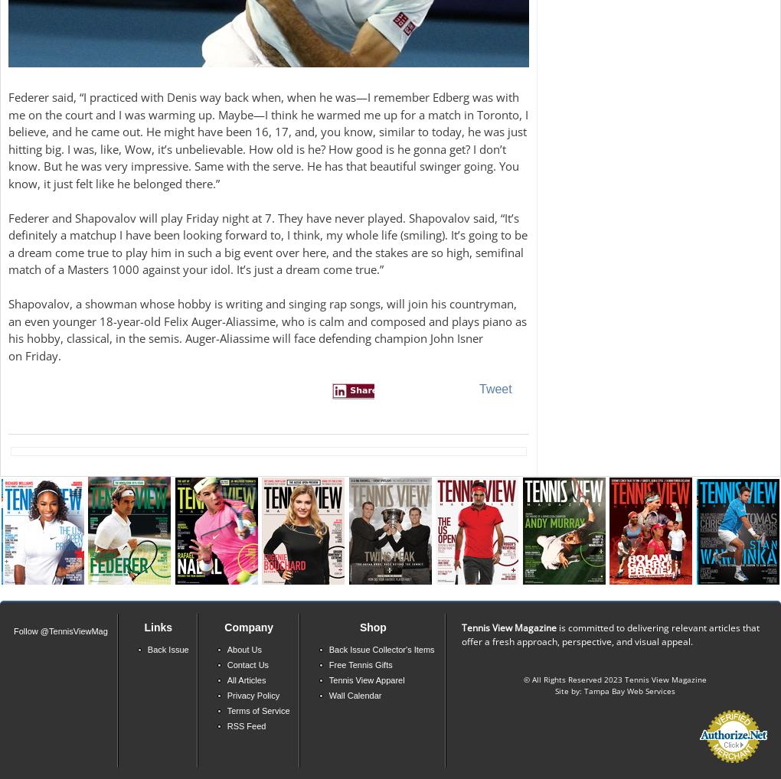  I want to click on 'Federer and Shapovalov will play Friday night at', so click(8, 217).